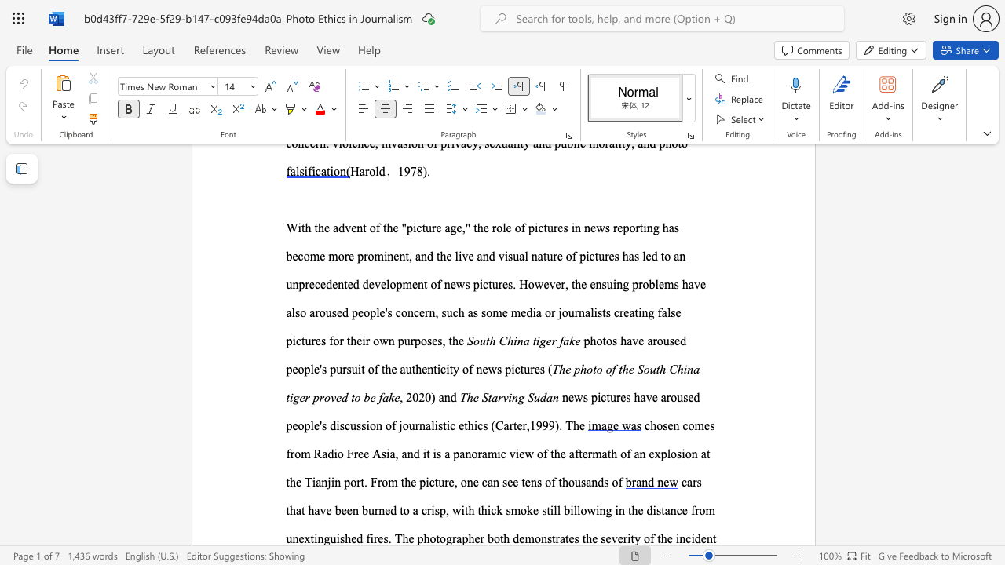 The image size is (1005, 565). What do you see at coordinates (455, 538) in the screenshot?
I see `the subset text "ap" within the text "photographer"` at bounding box center [455, 538].